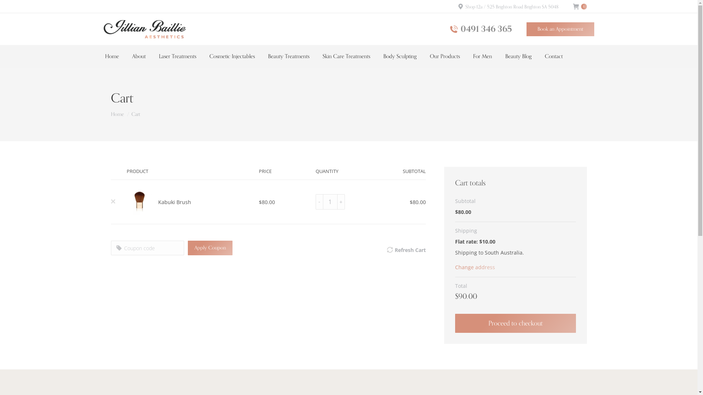 Image resolution: width=703 pixels, height=395 pixels. What do you see at coordinates (177, 56) in the screenshot?
I see `'Laser Treatments'` at bounding box center [177, 56].